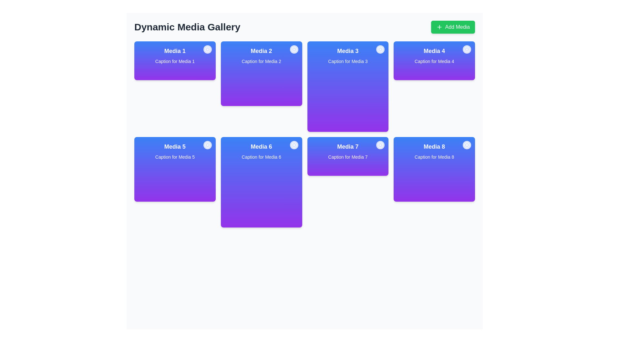  What do you see at coordinates (380, 145) in the screenshot?
I see `the small circular button with a red 'X' icon located at the top-right corner of the card labeled 'Media 7' for accessibility navigation` at bounding box center [380, 145].